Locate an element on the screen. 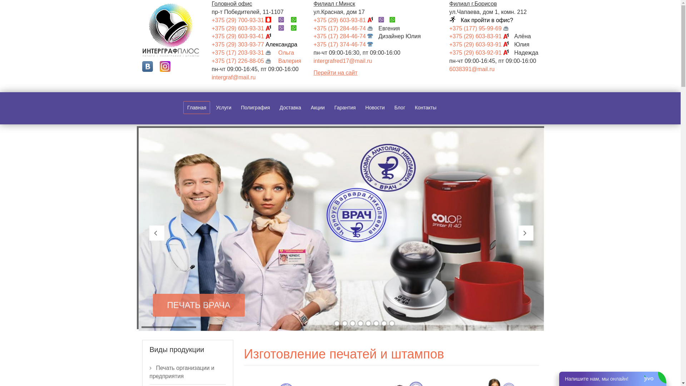 This screenshot has height=386, width=686. 'WhatsApp' is located at coordinates (394, 20).